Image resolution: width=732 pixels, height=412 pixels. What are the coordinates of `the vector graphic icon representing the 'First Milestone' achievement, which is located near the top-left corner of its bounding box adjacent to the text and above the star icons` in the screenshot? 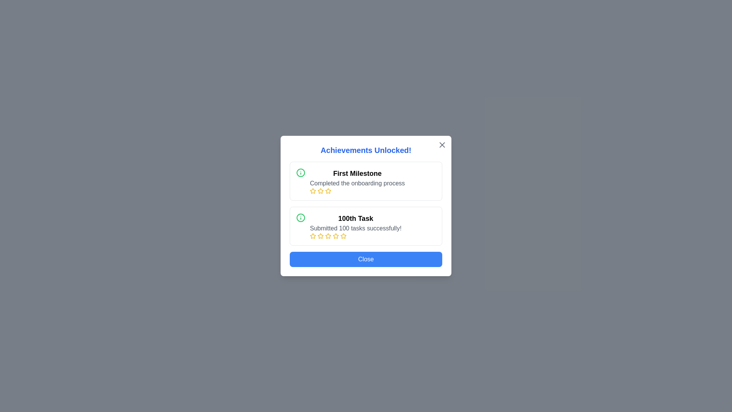 It's located at (300, 217).